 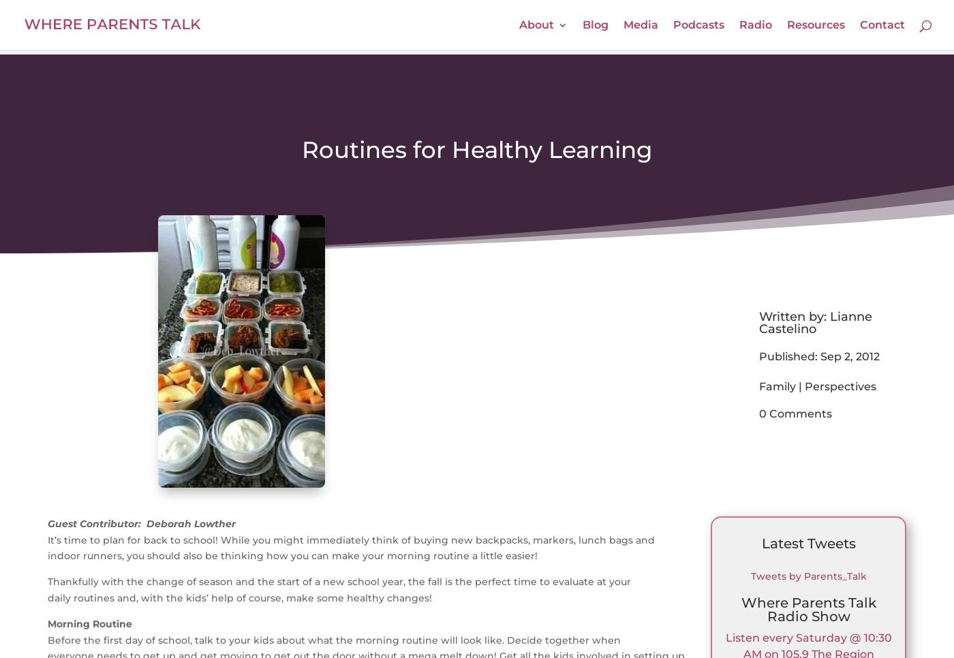 What do you see at coordinates (547, 206) in the screenshot?
I see `'Productions'` at bounding box center [547, 206].